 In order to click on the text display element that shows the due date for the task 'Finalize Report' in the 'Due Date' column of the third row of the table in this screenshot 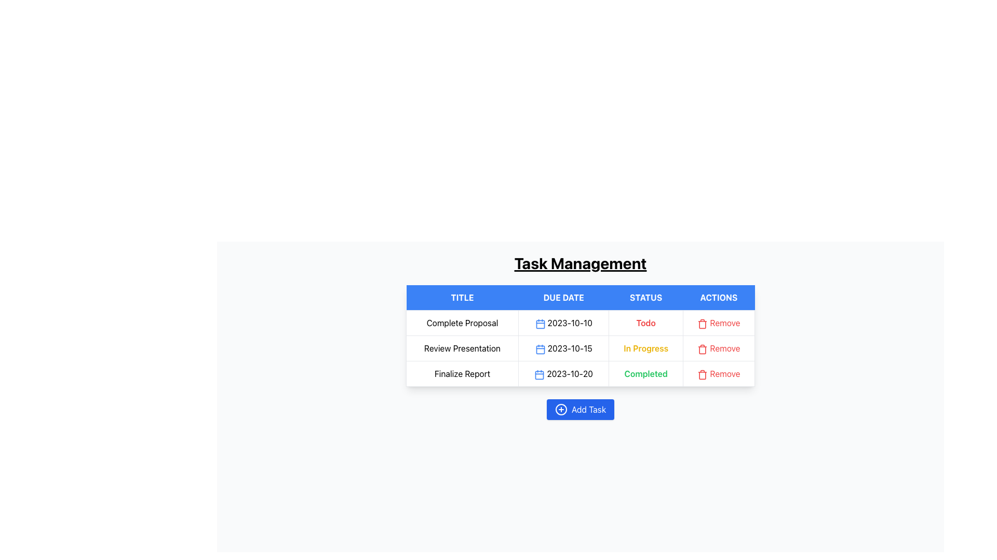, I will do `click(563, 374)`.